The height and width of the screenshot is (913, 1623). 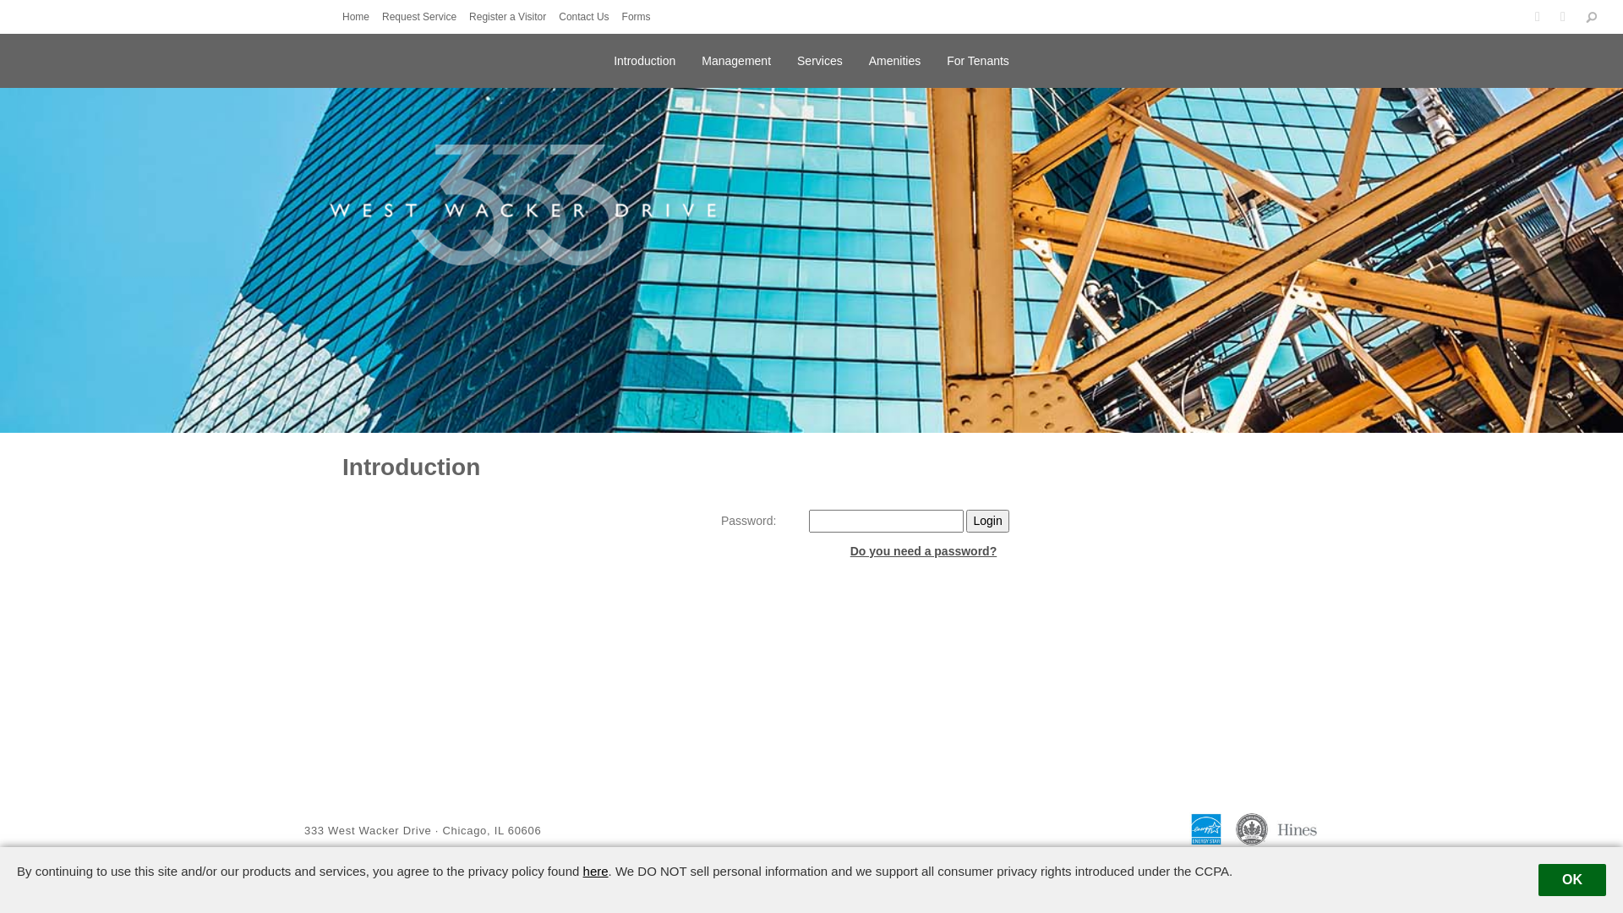 I want to click on 'Register a Visitor', so click(x=511, y=16).